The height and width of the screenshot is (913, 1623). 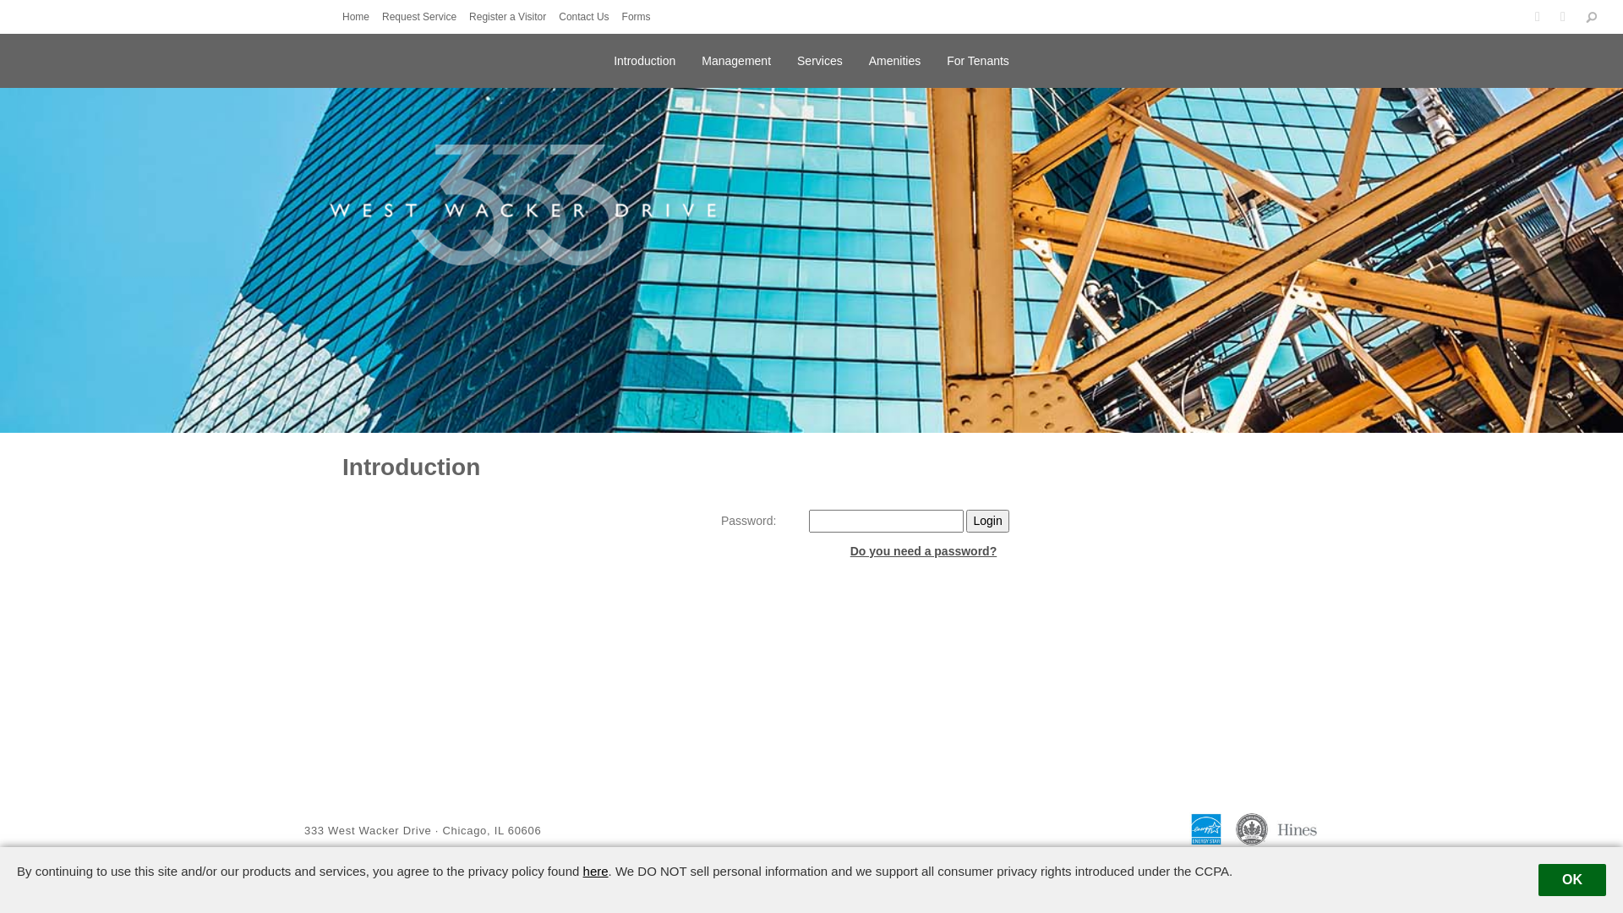 I want to click on 'Register a Visitor', so click(x=511, y=16).